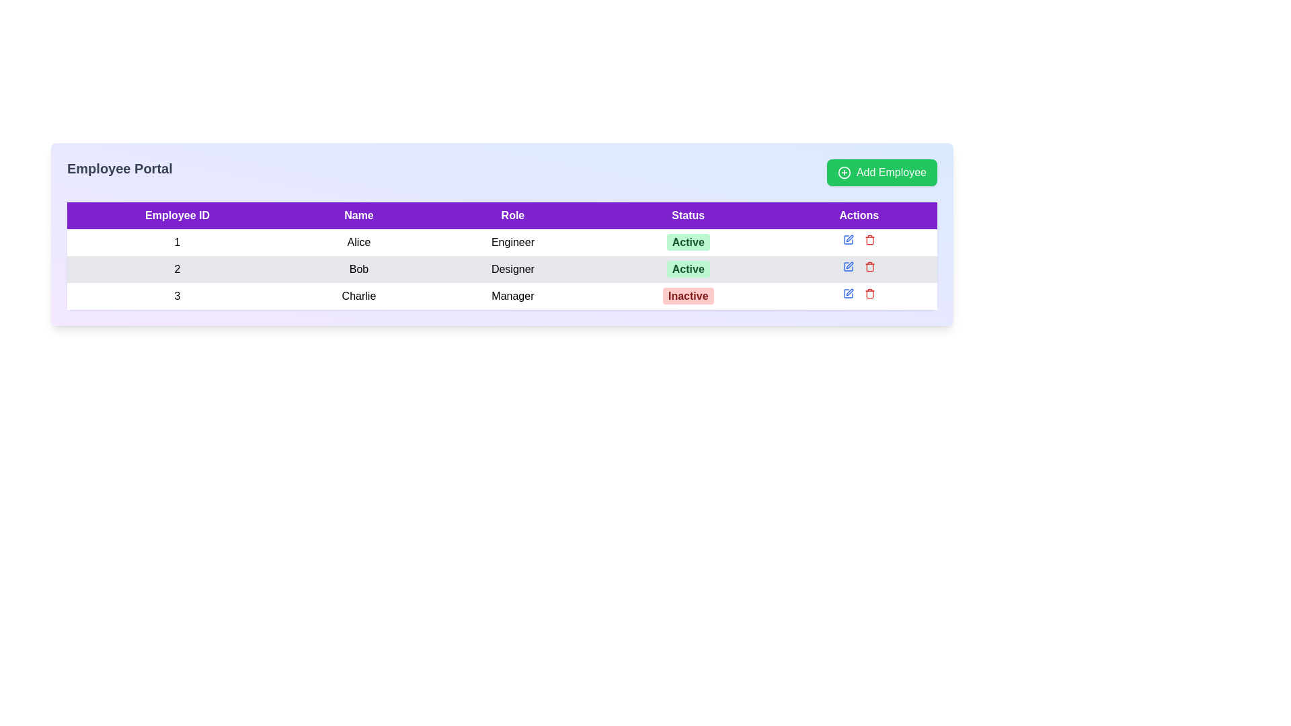  What do you see at coordinates (358, 295) in the screenshot?
I see `the Text element displaying 'Charlie' in black, which is centered within its cell in the third row of the table` at bounding box center [358, 295].